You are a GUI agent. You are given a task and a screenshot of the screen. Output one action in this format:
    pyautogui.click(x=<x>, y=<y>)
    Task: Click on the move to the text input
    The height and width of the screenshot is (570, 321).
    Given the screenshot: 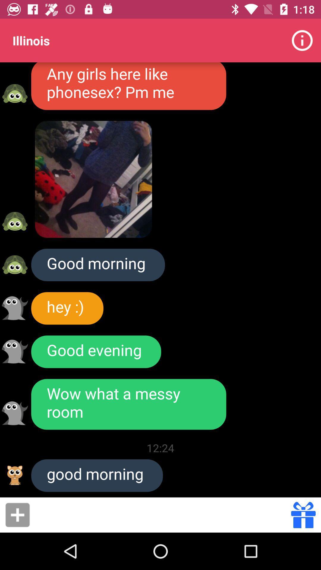 What is the action you would take?
    pyautogui.click(x=162, y=514)
    